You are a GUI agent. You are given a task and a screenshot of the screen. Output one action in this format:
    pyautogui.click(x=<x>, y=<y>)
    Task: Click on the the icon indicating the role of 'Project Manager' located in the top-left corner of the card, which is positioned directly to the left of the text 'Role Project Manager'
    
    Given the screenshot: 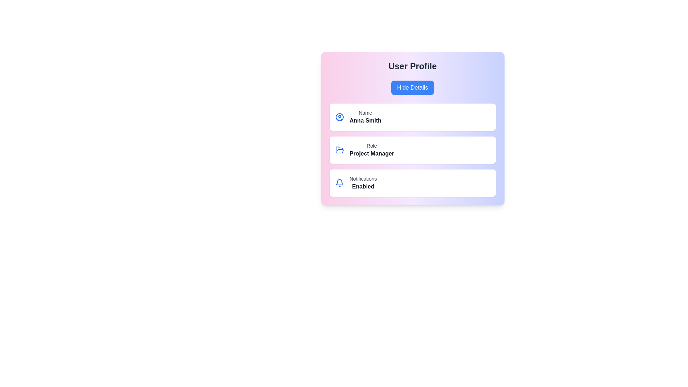 What is the action you would take?
    pyautogui.click(x=339, y=150)
    